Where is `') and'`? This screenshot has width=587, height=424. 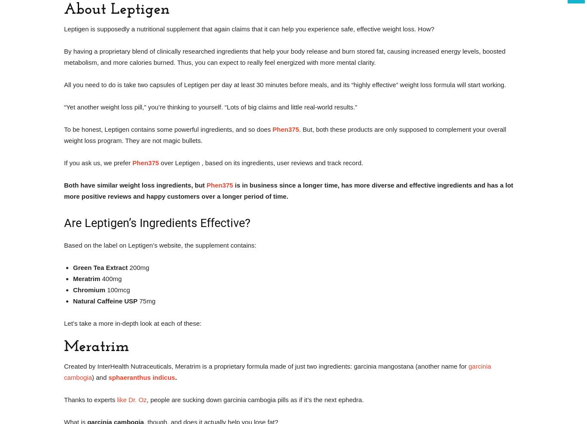
') and' is located at coordinates (100, 377).